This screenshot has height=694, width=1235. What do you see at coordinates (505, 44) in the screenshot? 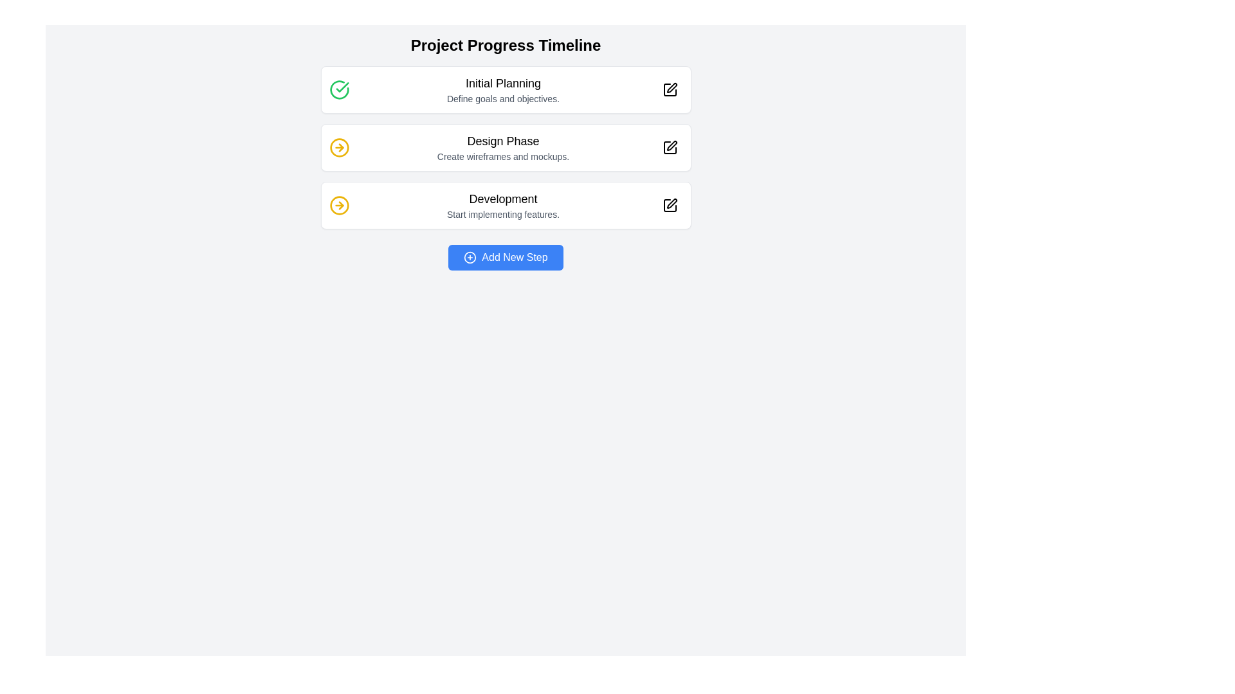
I see `the bold text header that reads 'Project Progress Timeline' located at the top of the interface, above the phases list and 'Add New Step' button` at bounding box center [505, 44].